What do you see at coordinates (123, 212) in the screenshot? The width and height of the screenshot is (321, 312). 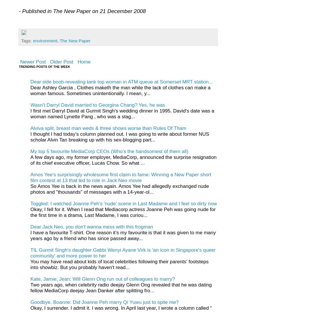 I see `'Okay, I fell for it.   When I read that Mediacorp actress Joanne Peh was going nude for the first time in a drama, Last Madame, I was curiou...'` at bounding box center [123, 212].